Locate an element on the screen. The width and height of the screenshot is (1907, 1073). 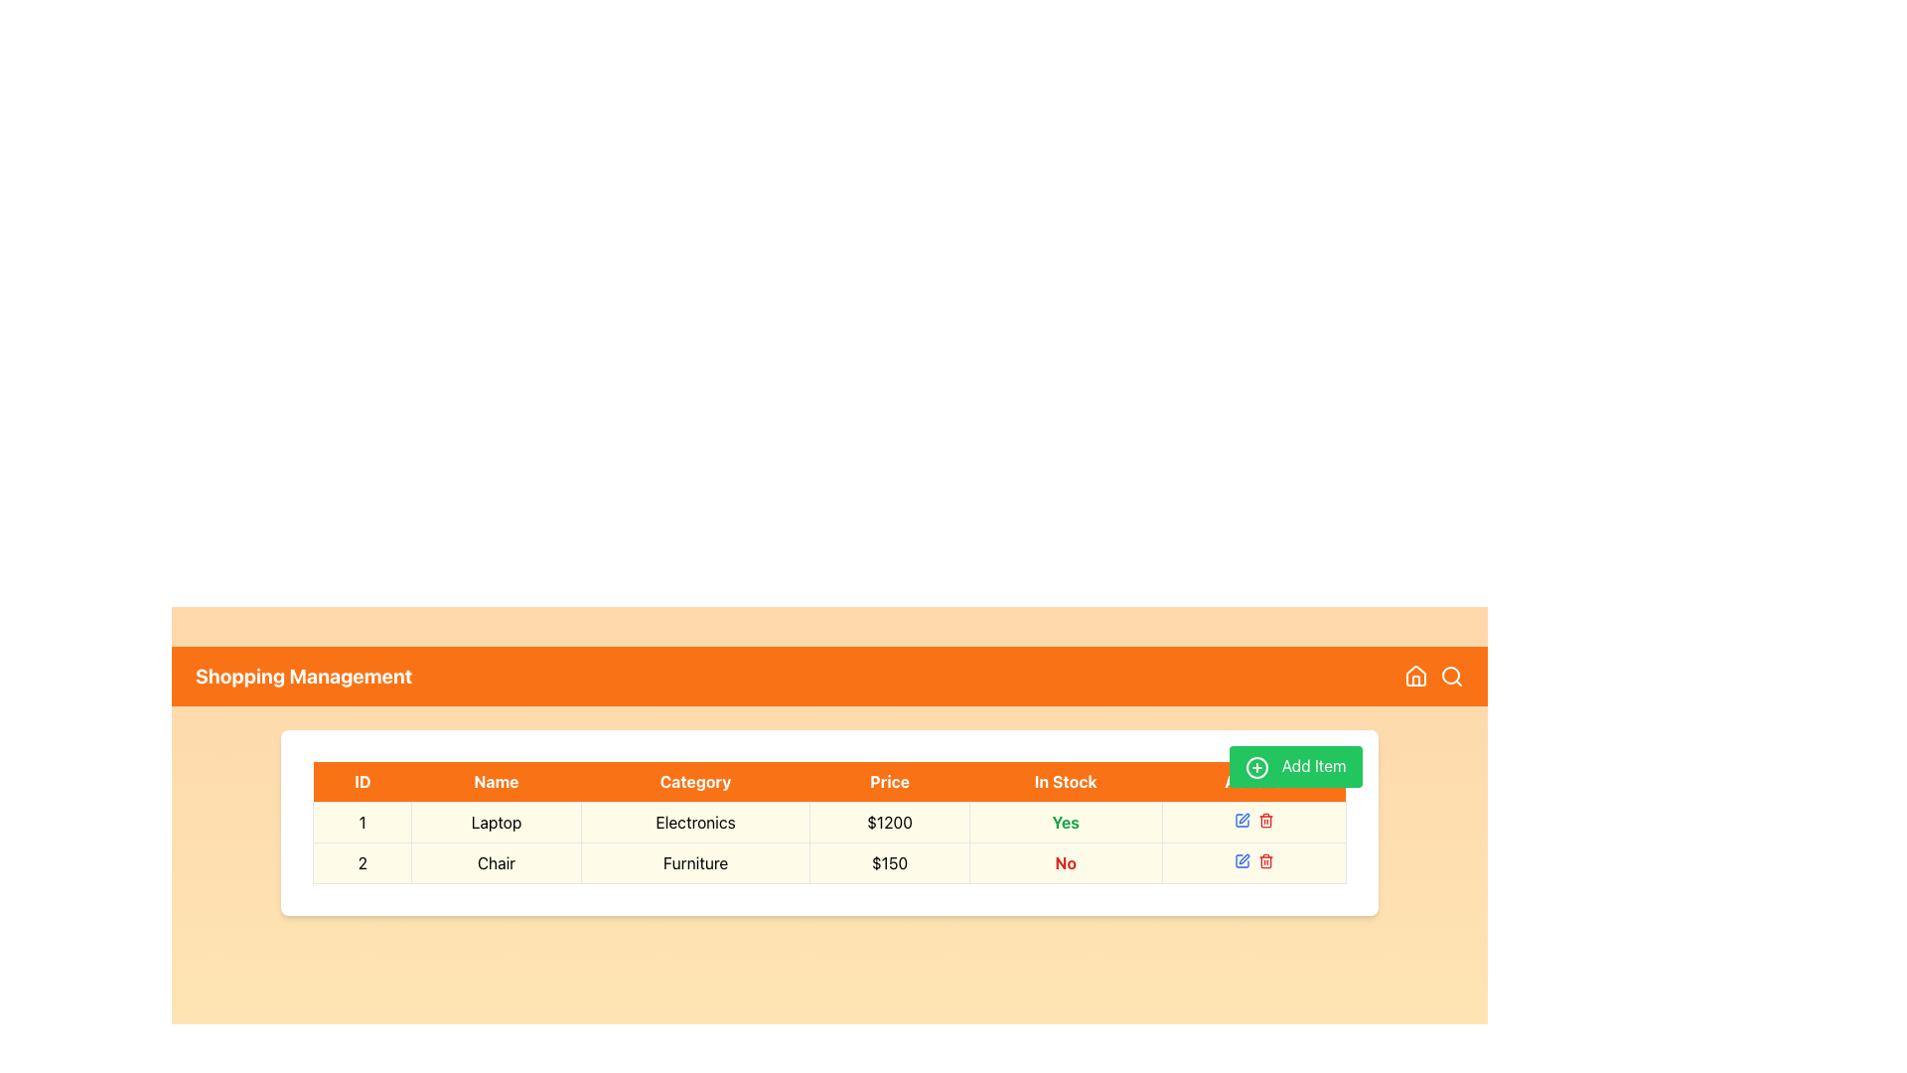
the Text display in the table cell showing the monetary value '$1200', which is bold and styled within the 'Price' column of the table is located at coordinates (889, 823).